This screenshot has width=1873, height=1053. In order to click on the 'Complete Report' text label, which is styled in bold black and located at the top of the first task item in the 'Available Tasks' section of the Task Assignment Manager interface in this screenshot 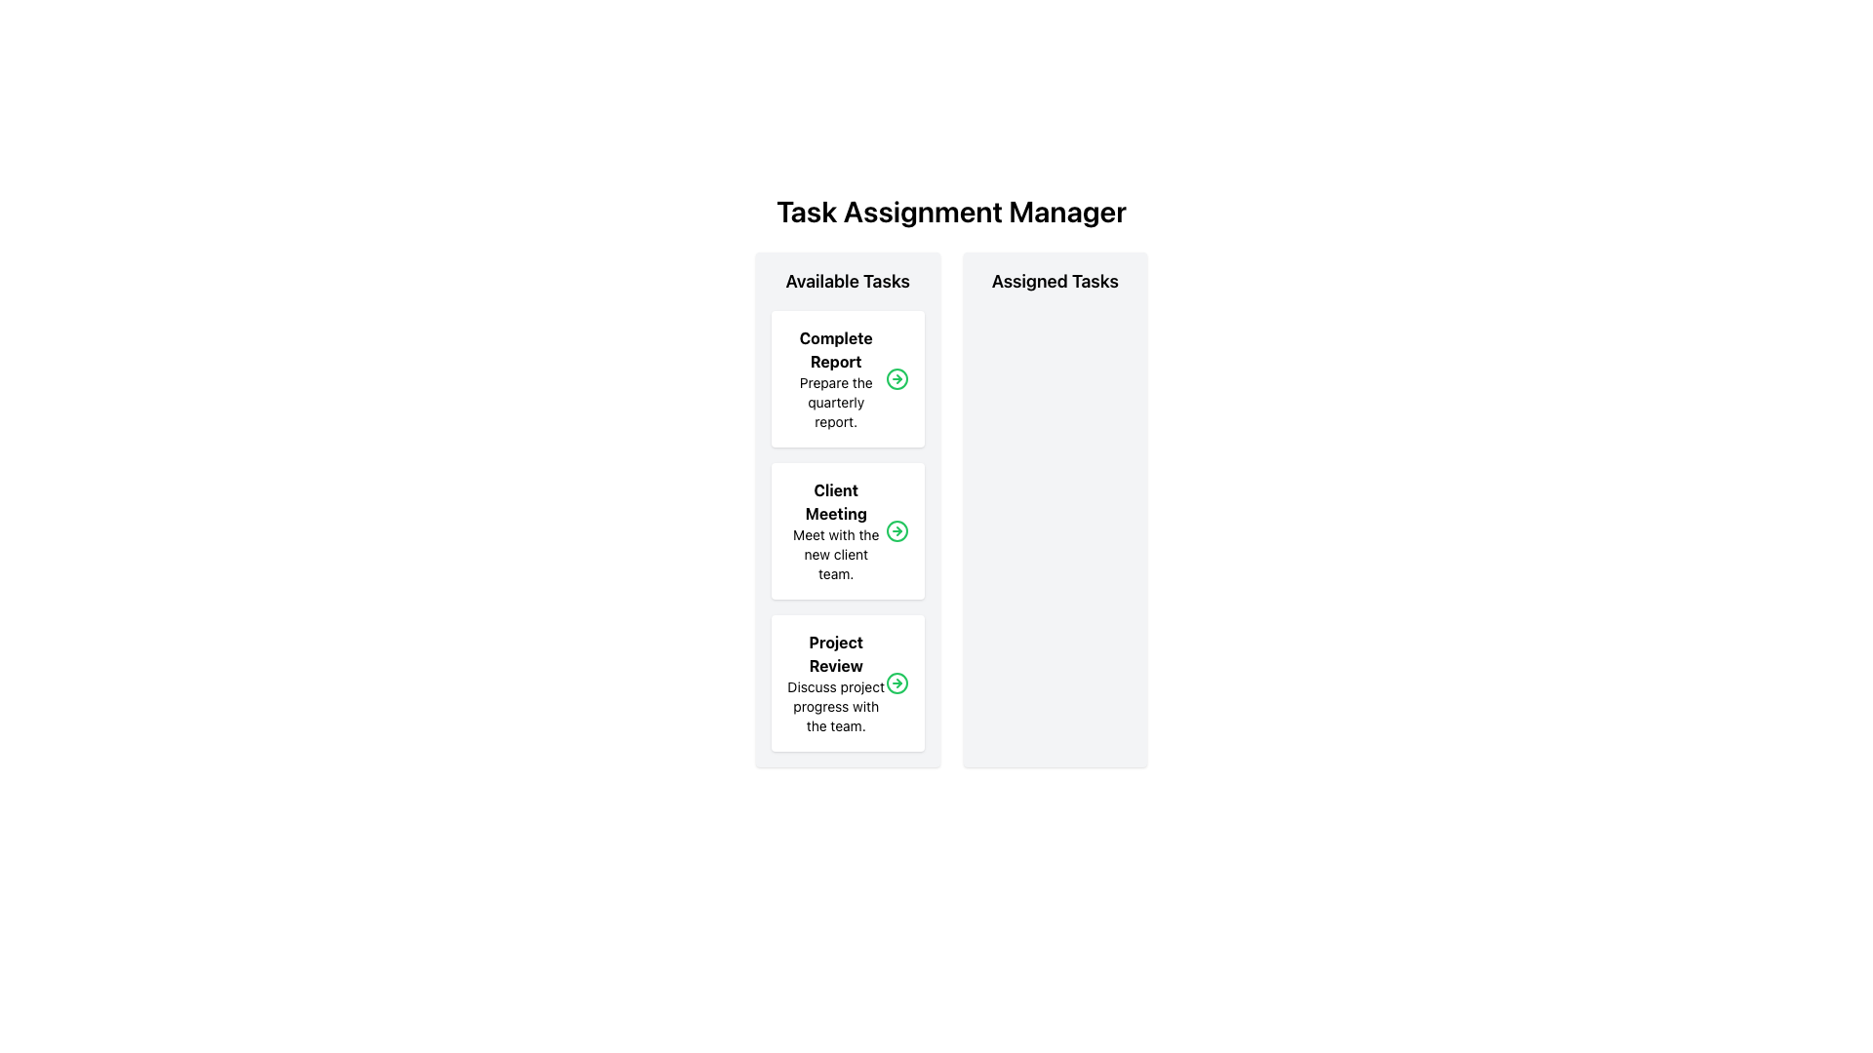, I will do `click(836, 348)`.